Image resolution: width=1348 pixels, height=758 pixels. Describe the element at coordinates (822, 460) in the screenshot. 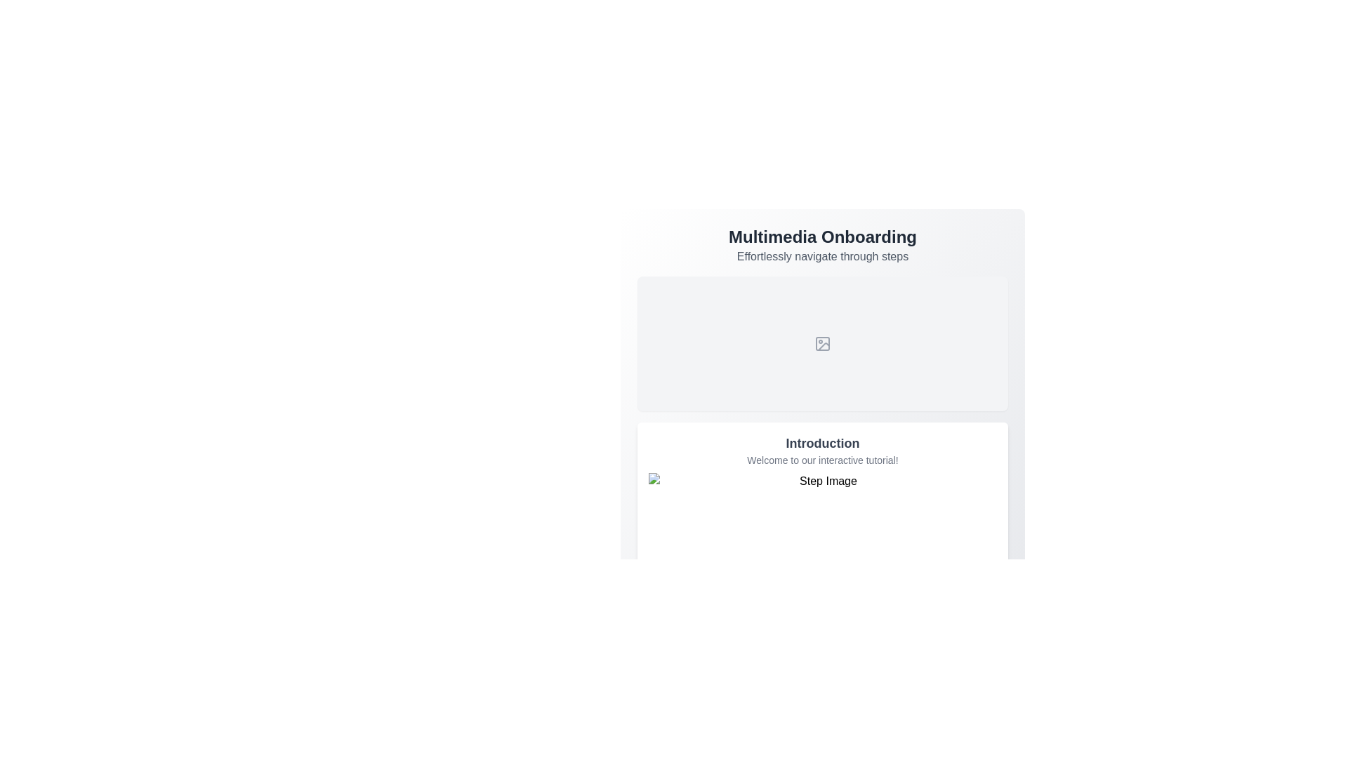

I see `introductory text content located below the 'Introduction' heading and above the 'Step Image', which provides a welcoming message for the interactive tutorial` at that location.